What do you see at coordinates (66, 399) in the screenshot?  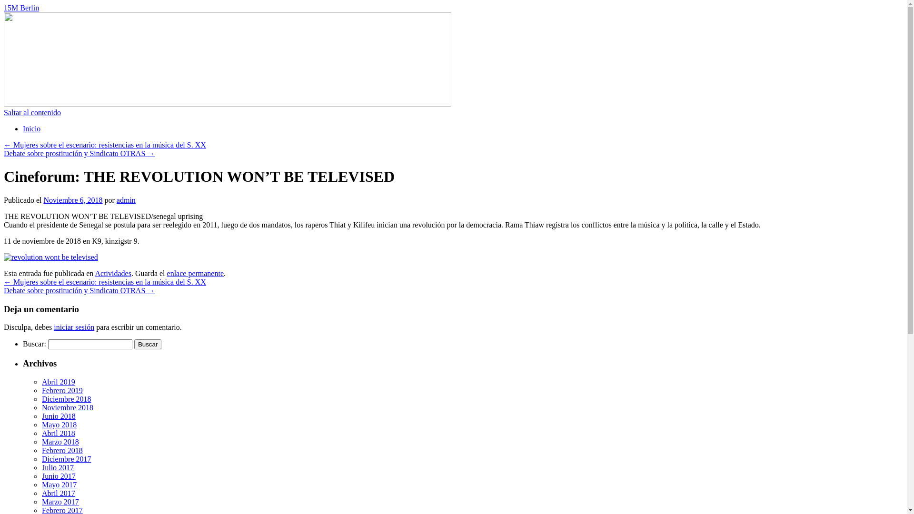 I see `'Diciembre 2018'` at bounding box center [66, 399].